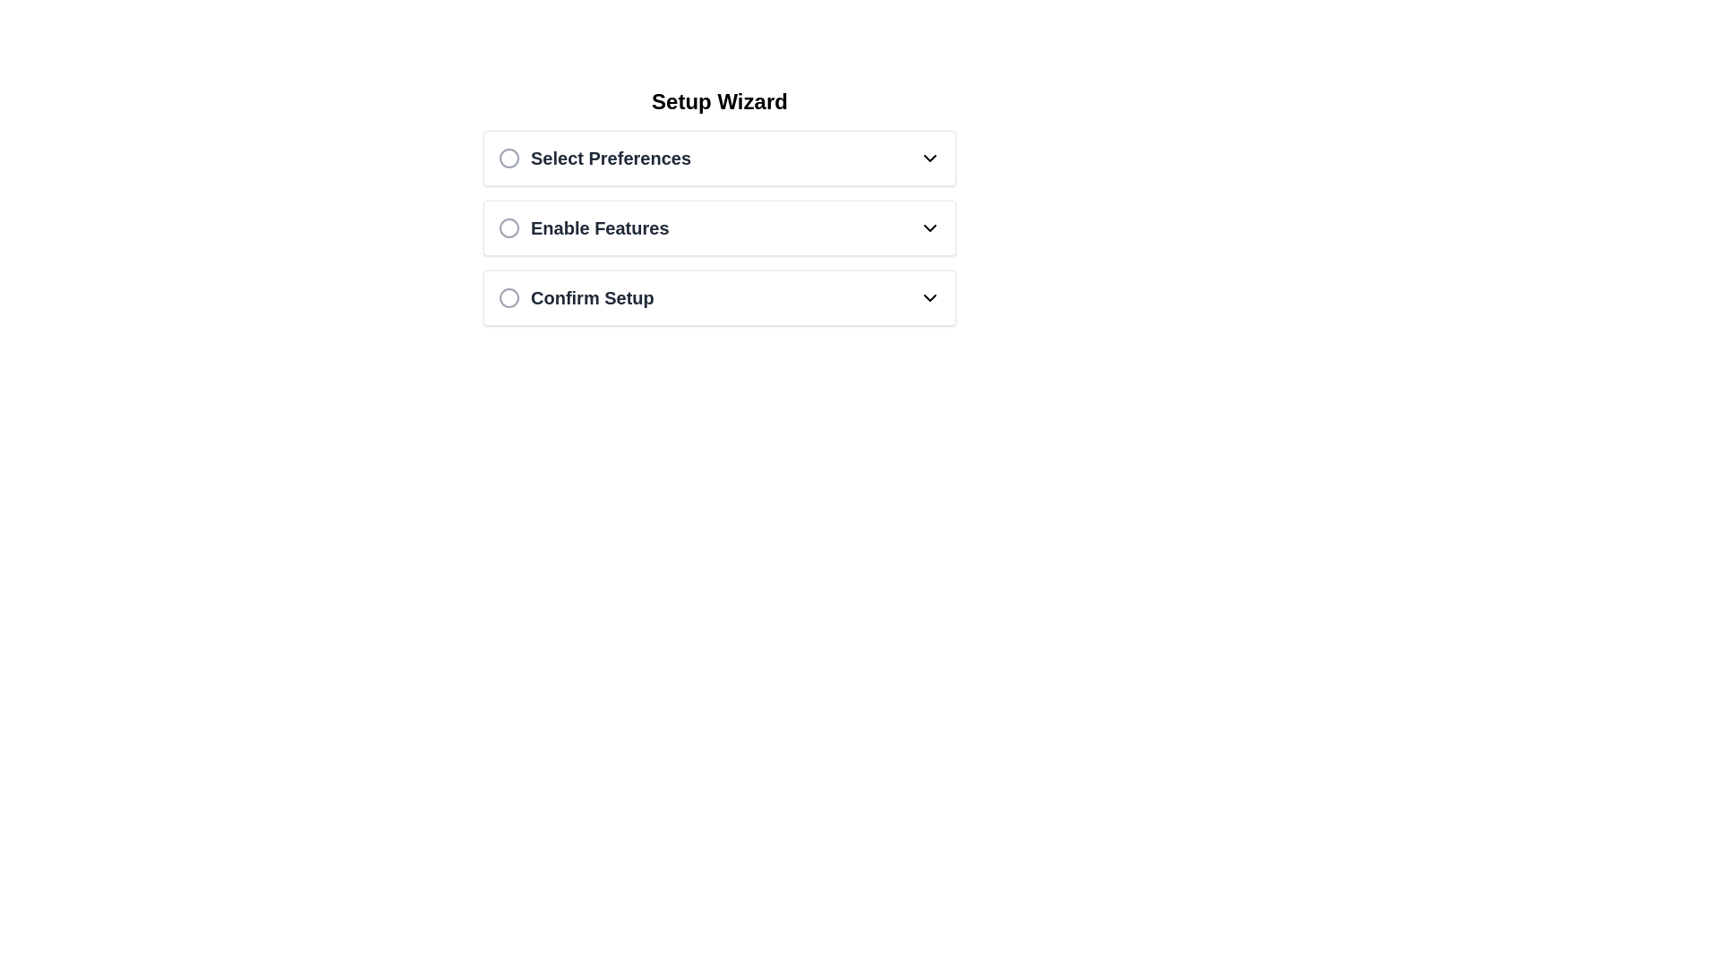  What do you see at coordinates (509, 296) in the screenshot?
I see `the circular icon with a thin gray border located at the top left of the 'Confirm Setup' text label` at bounding box center [509, 296].